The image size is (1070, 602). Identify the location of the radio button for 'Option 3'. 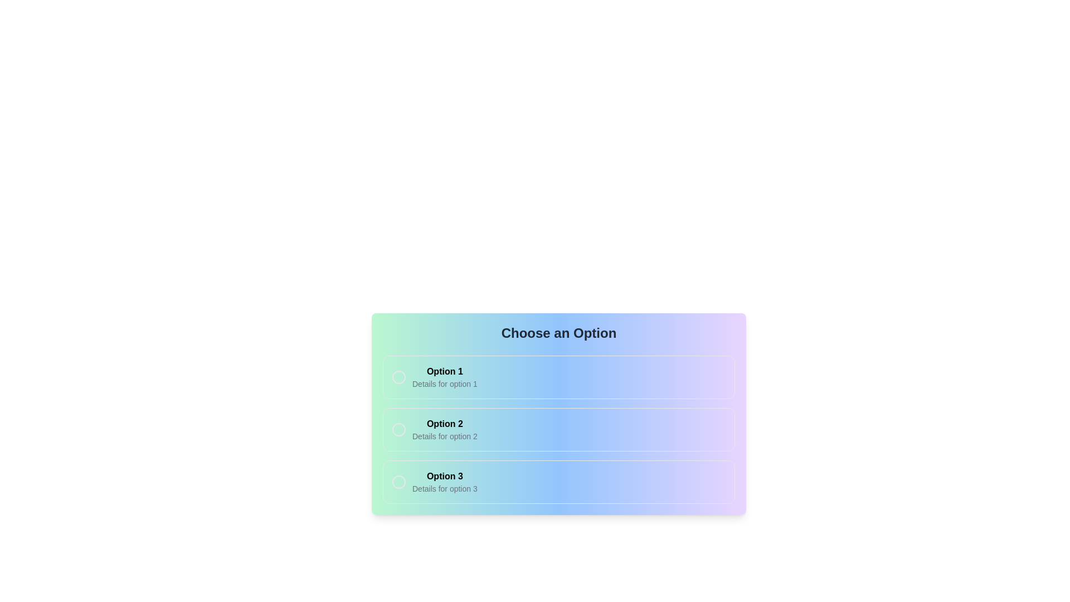
(398, 481).